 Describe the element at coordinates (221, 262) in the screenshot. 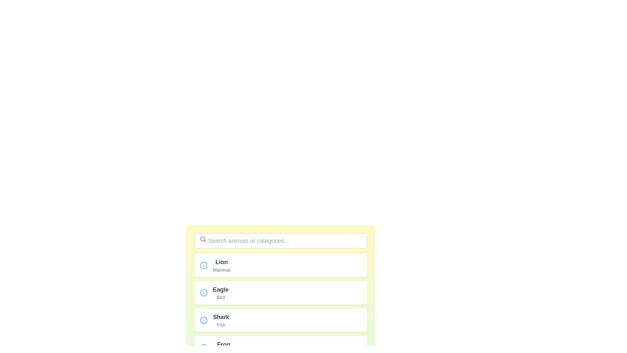

I see `the bold text label 'Lion', which is prominently displayed in a larger gray font above the text 'Mammal'` at that location.